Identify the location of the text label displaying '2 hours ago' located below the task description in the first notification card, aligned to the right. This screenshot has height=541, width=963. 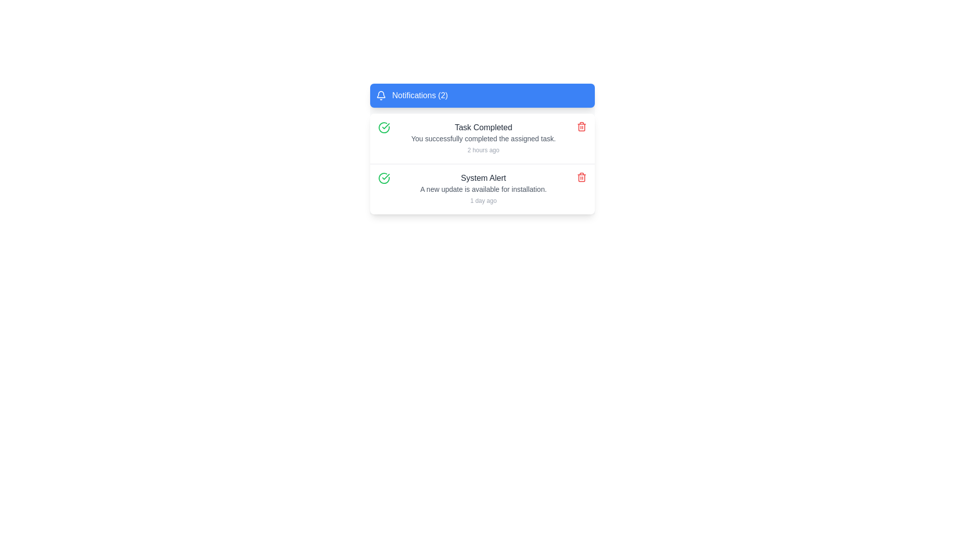
(484, 150).